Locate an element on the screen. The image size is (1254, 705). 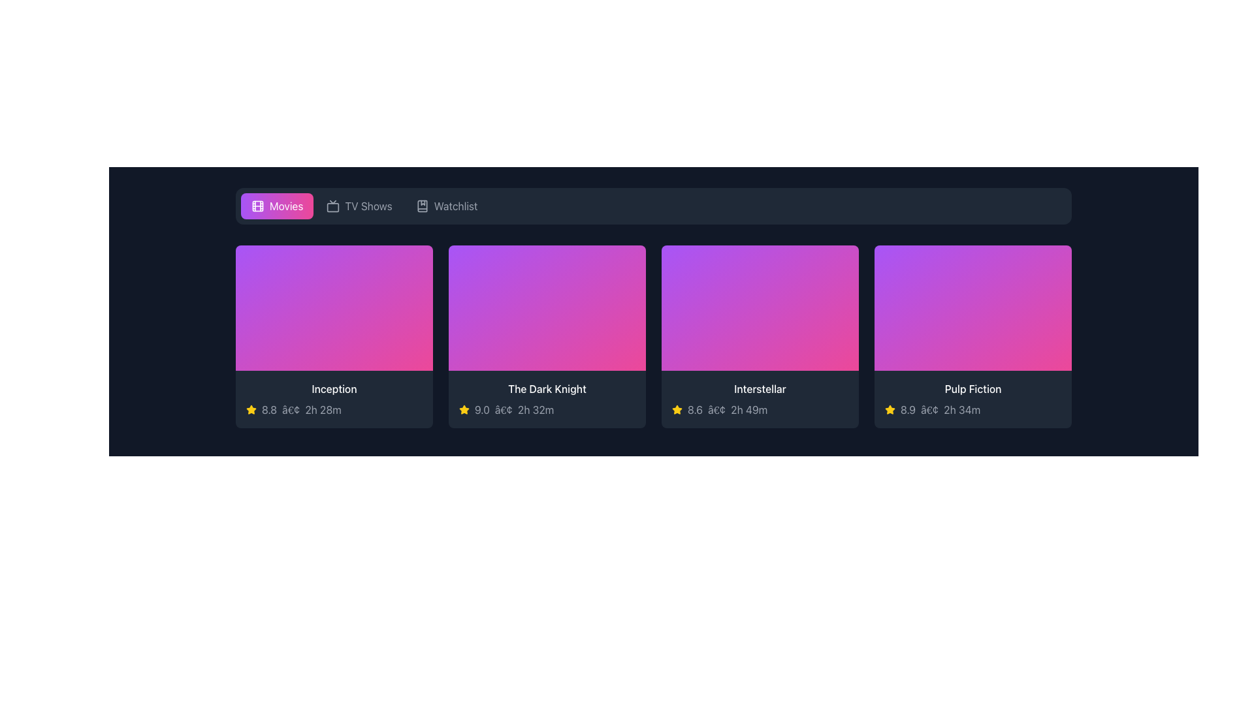
text '8.9 • 2h 34m' with the star icon located at the bottom-right corner of the 'Pulp Fiction' card is located at coordinates (973, 409).